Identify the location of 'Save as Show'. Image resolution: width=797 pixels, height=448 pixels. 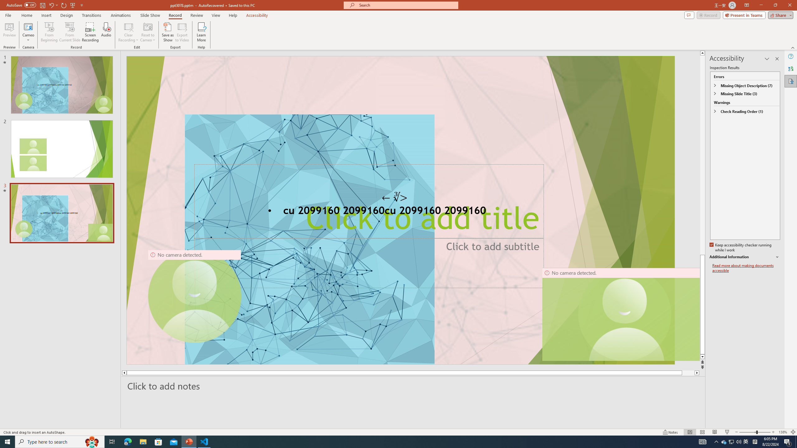
(167, 32).